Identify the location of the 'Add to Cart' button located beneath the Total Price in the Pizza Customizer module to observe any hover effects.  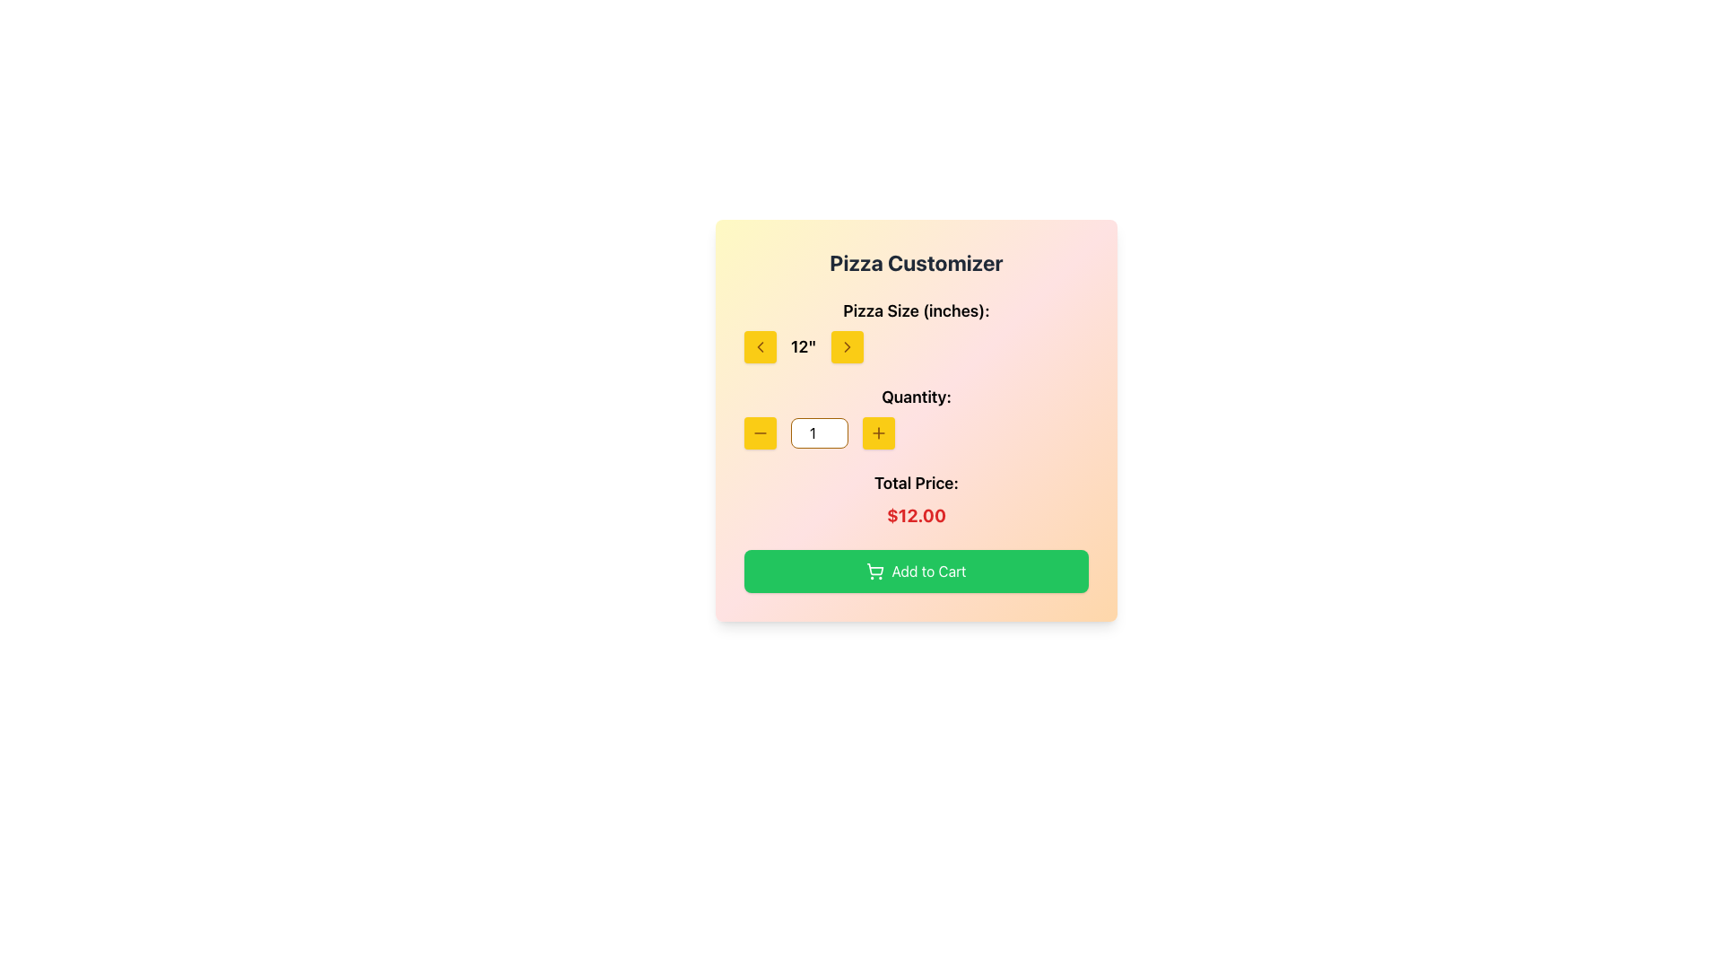
(917, 571).